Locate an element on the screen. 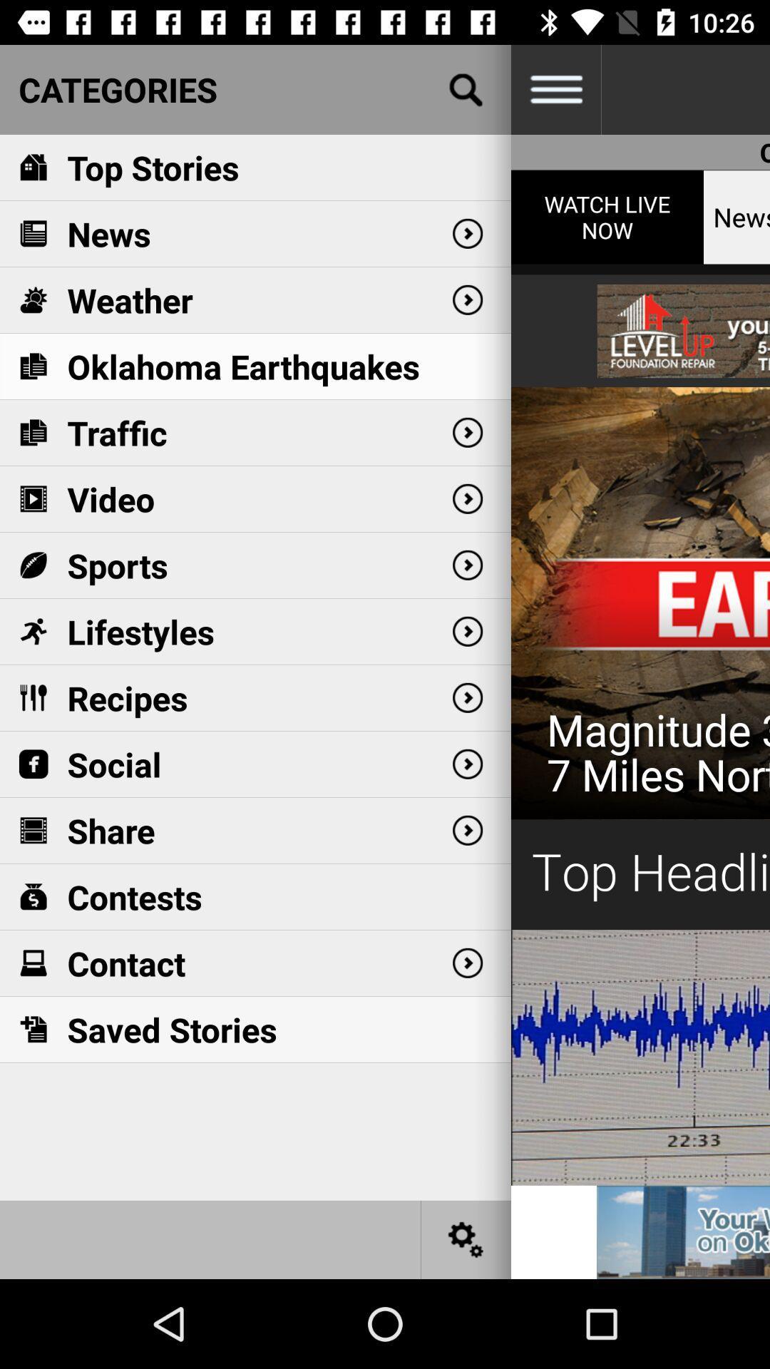  news 9 griffin communications l.l.c is located at coordinates (682, 1231).